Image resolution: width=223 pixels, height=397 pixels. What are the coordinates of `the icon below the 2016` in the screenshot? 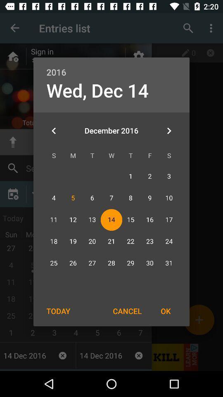 It's located at (168, 131).